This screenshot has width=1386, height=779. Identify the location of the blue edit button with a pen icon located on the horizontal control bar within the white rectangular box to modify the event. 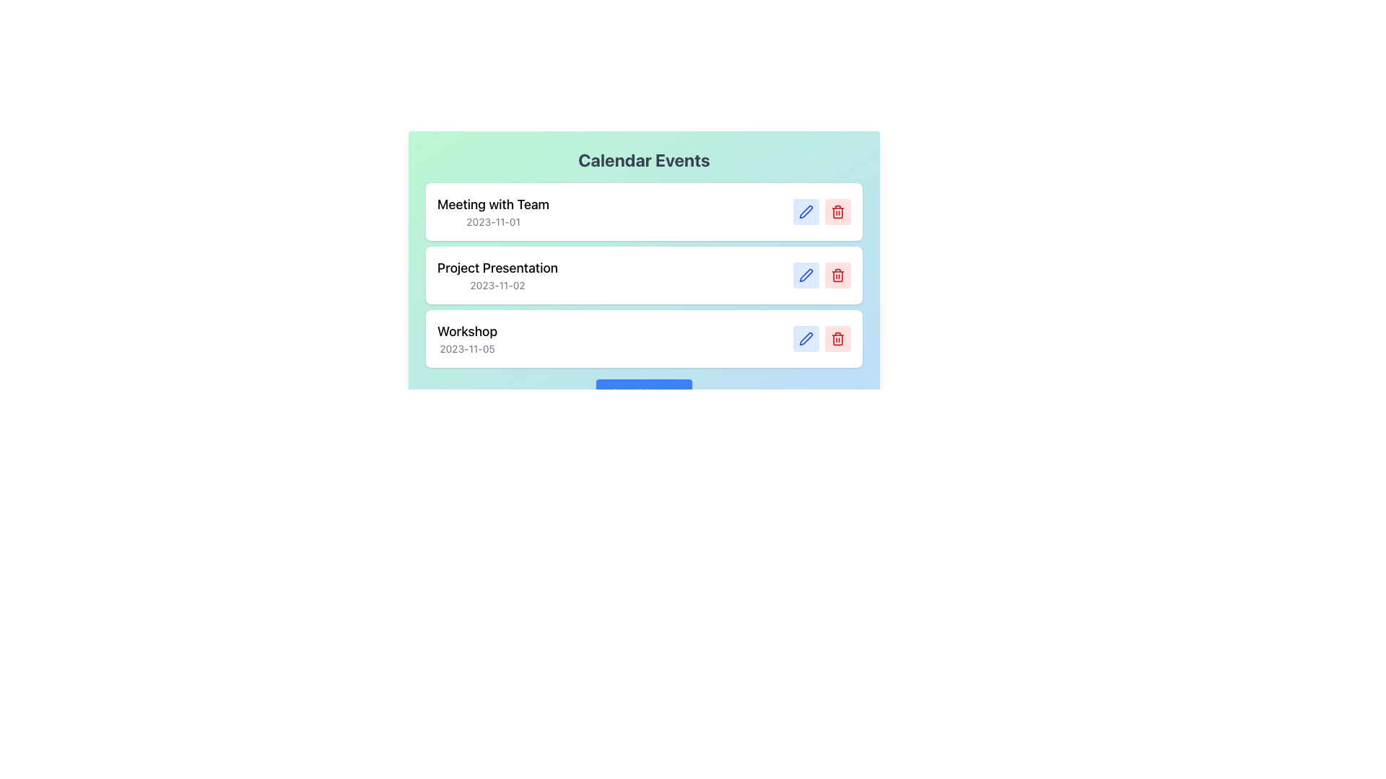
(821, 339).